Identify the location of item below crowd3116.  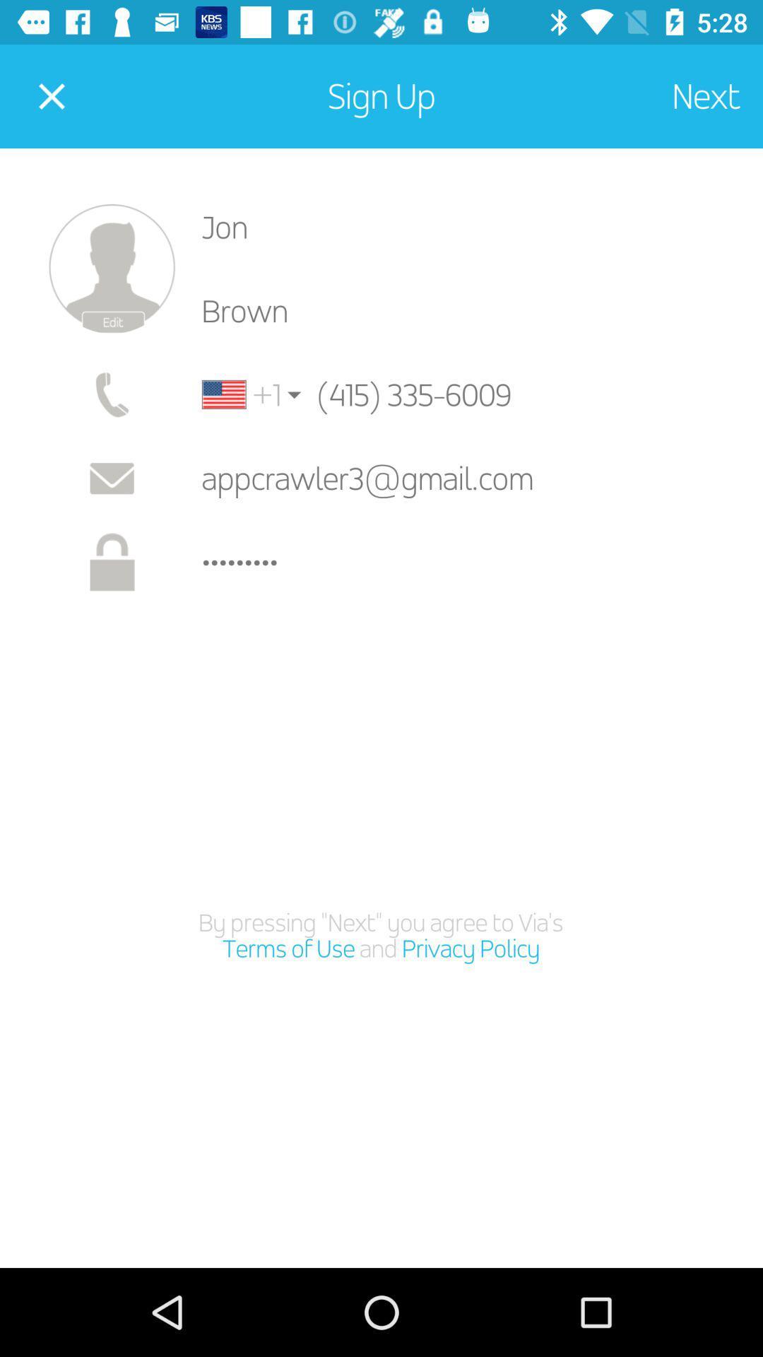
(380, 936).